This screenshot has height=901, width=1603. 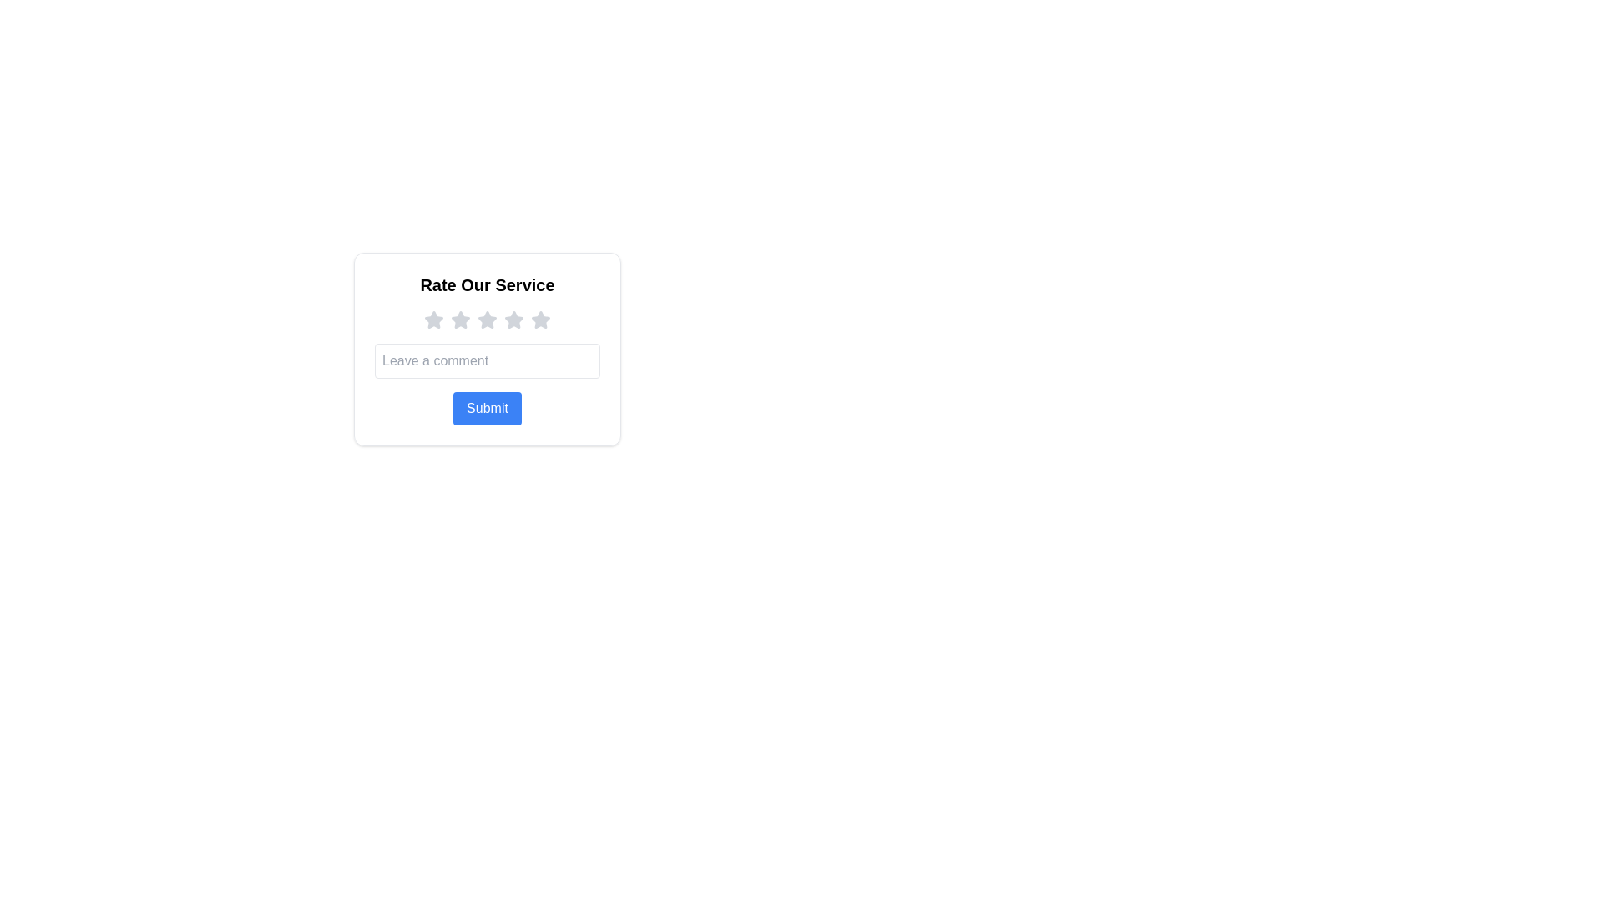 What do you see at coordinates (461, 320) in the screenshot?
I see `the second star-shaped rating icon with a gray fill color` at bounding box center [461, 320].